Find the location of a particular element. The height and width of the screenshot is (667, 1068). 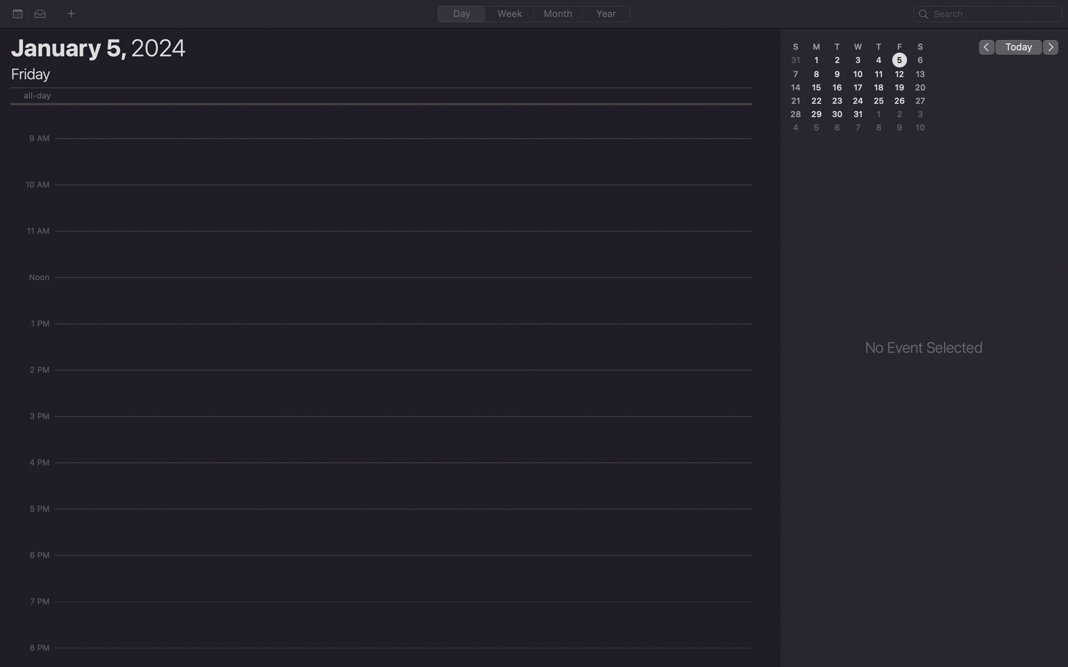

the date 2 is located at coordinates (837, 60).